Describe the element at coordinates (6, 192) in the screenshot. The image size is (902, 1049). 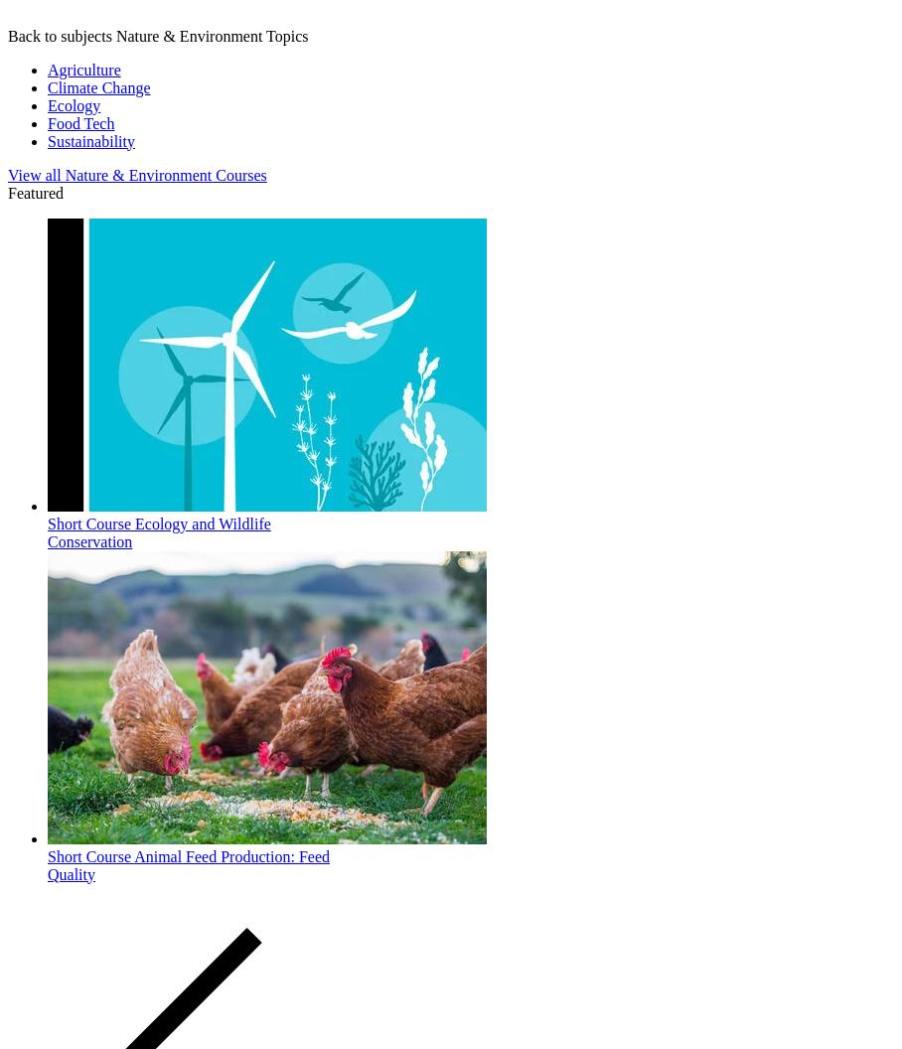
I see `'Featured'` at that location.